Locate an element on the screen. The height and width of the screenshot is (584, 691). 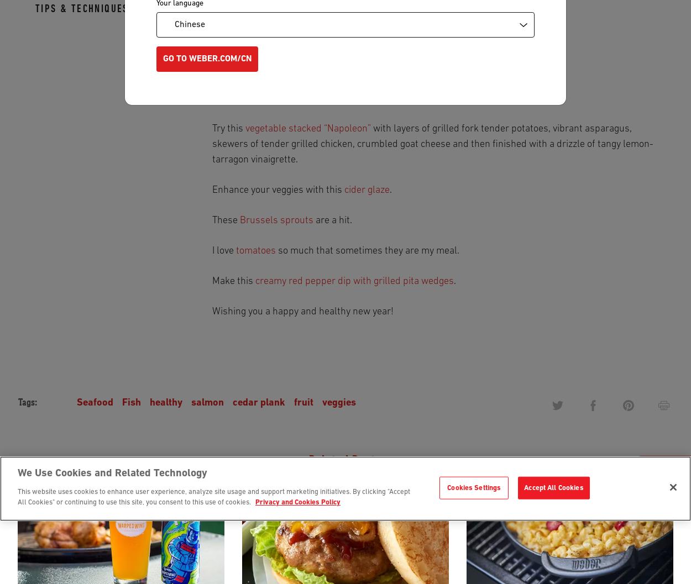
'I love' is located at coordinates (212, 251).